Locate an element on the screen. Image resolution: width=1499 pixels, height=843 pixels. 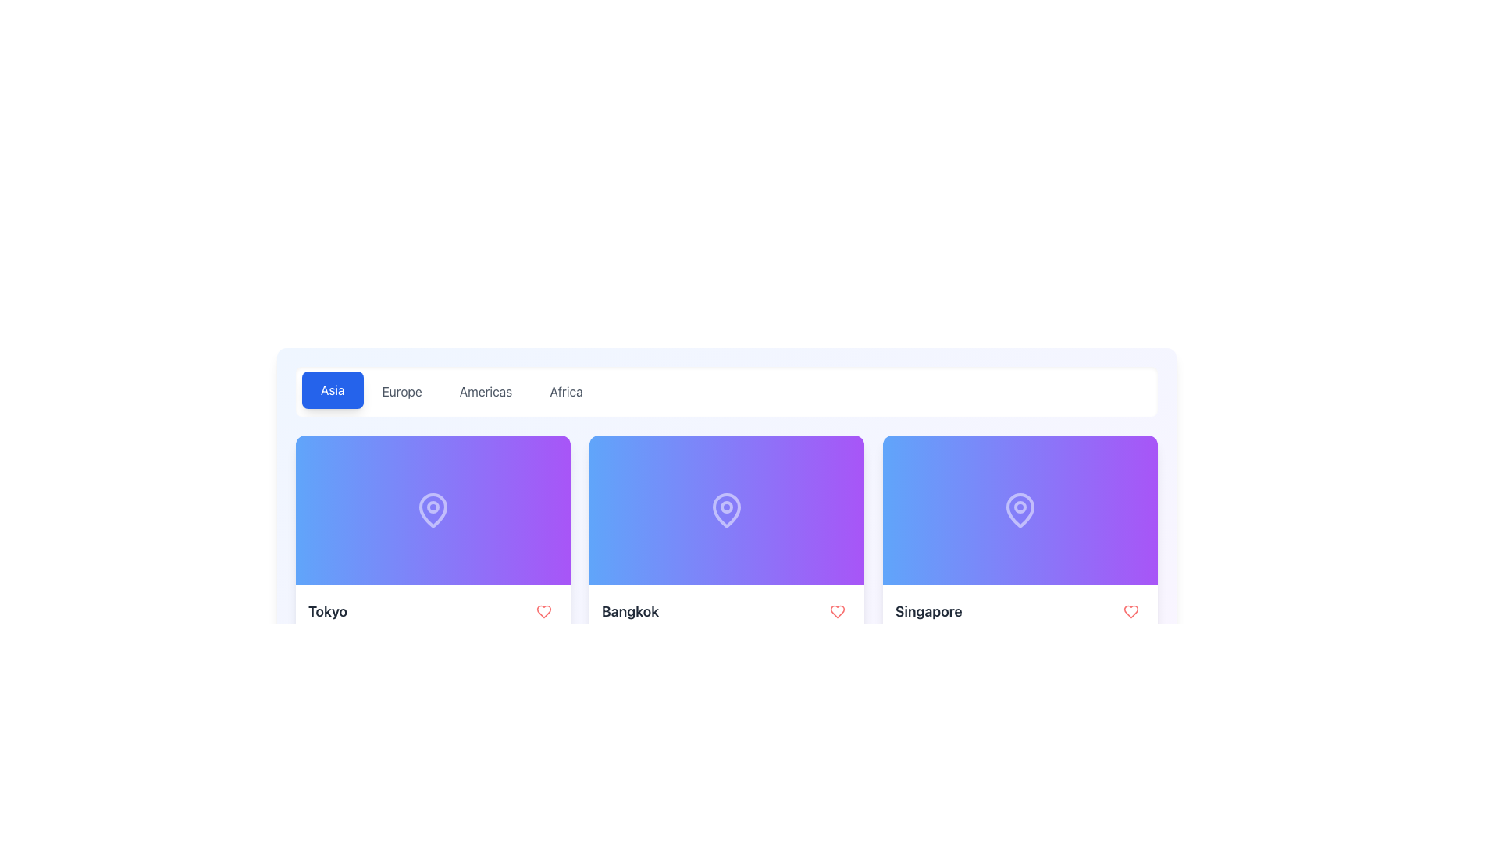
the heart-shaped button styled in red, located at the bottom-right corner of the card labeled 'Singapore' is located at coordinates (1131, 610).